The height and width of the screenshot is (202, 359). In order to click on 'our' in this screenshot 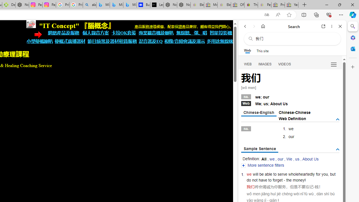, I will do `click(280, 159)`.